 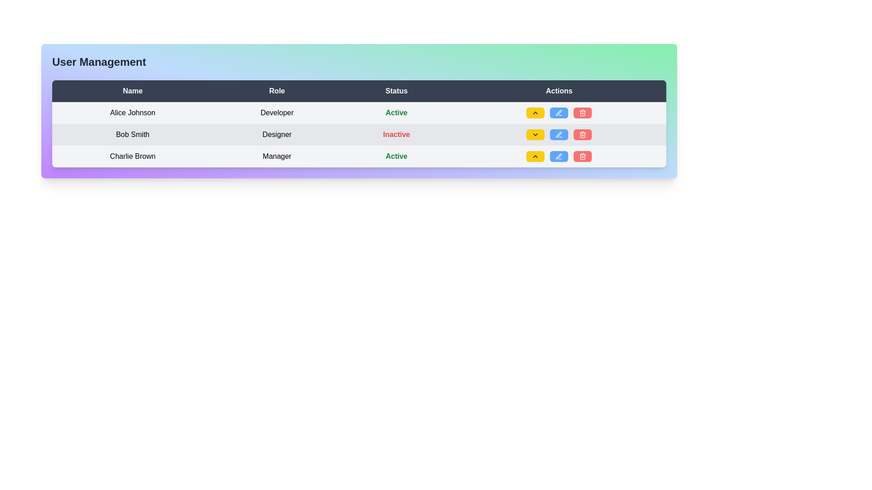 I want to click on the text label containing 'Bob Smith', so click(x=132, y=135).